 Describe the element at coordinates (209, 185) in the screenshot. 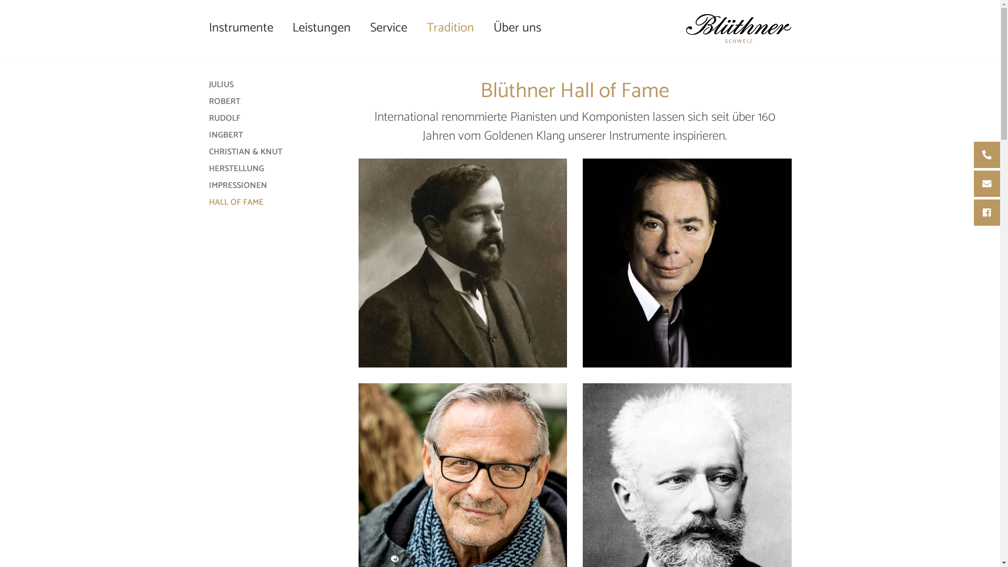

I see `'IMPRESSIONEN'` at that location.